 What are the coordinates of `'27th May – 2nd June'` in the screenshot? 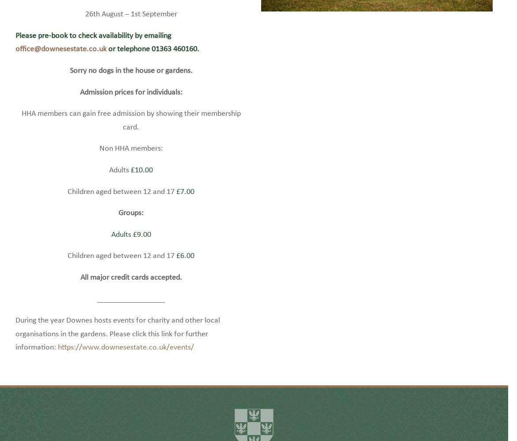 It's located at (130, 6).